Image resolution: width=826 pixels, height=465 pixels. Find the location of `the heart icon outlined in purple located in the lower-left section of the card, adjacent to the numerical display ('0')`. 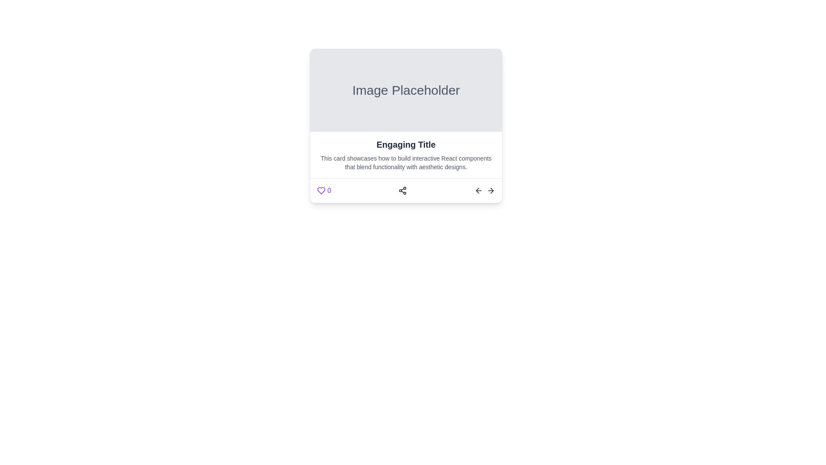

the heart icon outlined in purple located in the lower-left section of the card, adjacent to the numerical display ('0') is located at coordinates (321, 190).